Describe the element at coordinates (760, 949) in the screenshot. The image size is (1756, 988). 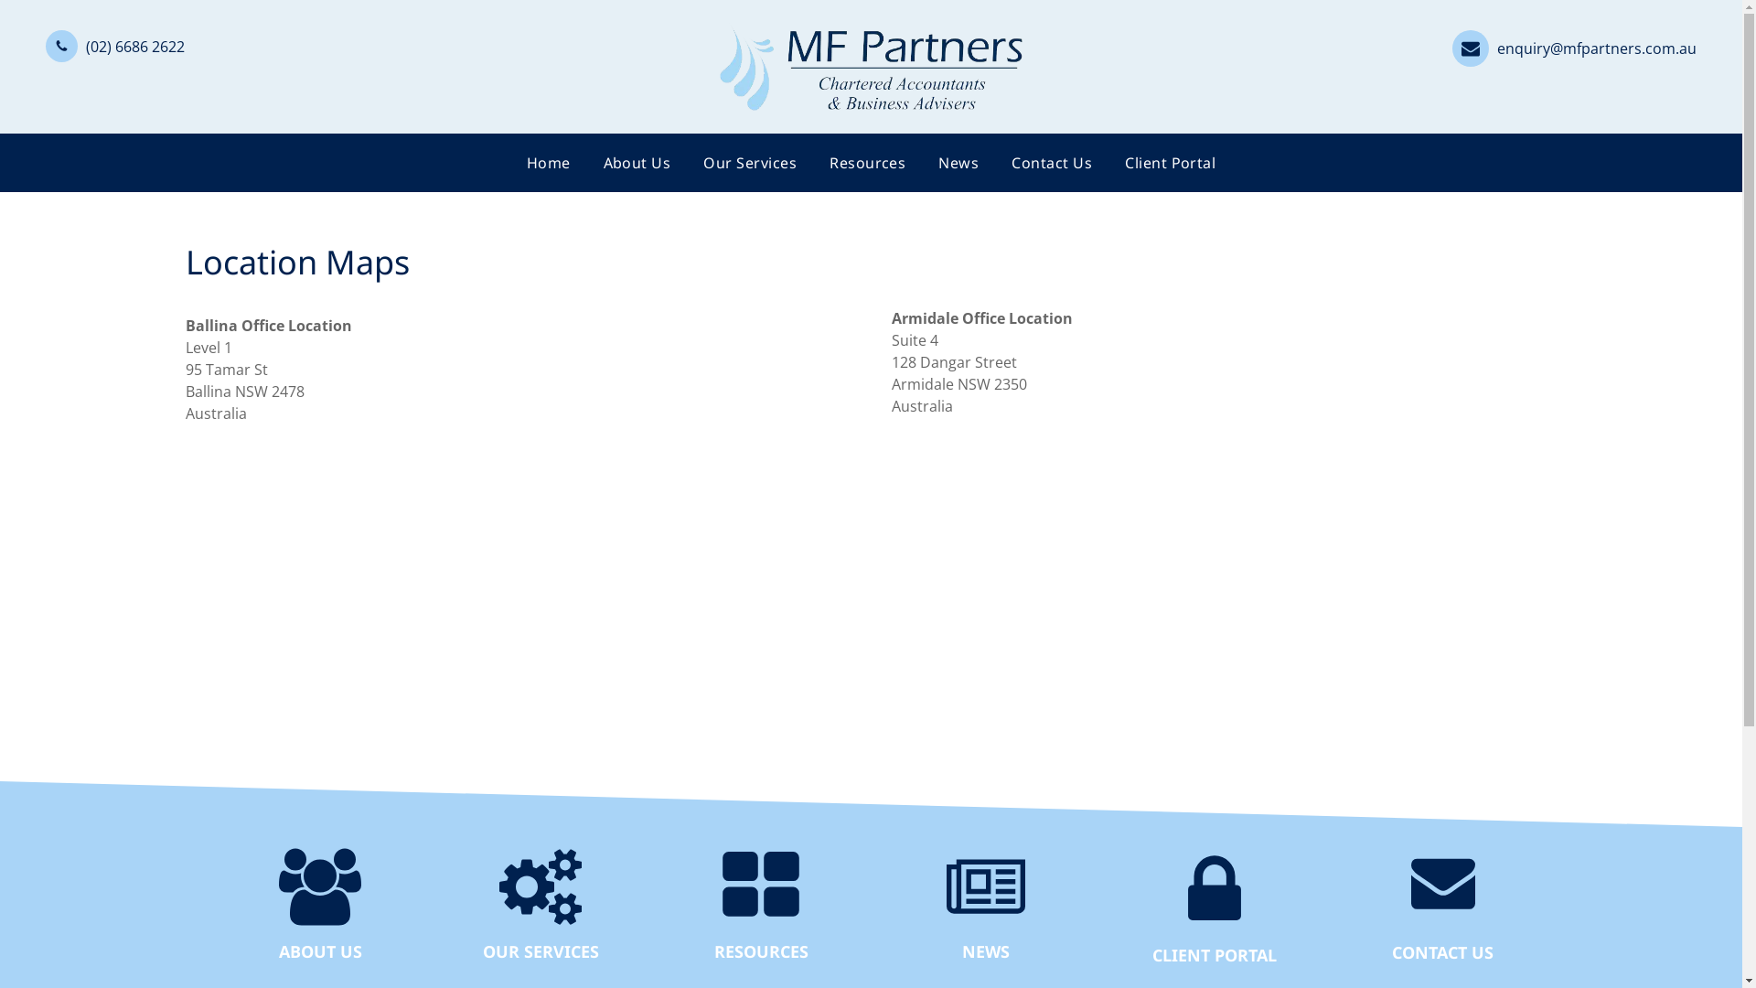
I see `'RESOURCES'` at that location.